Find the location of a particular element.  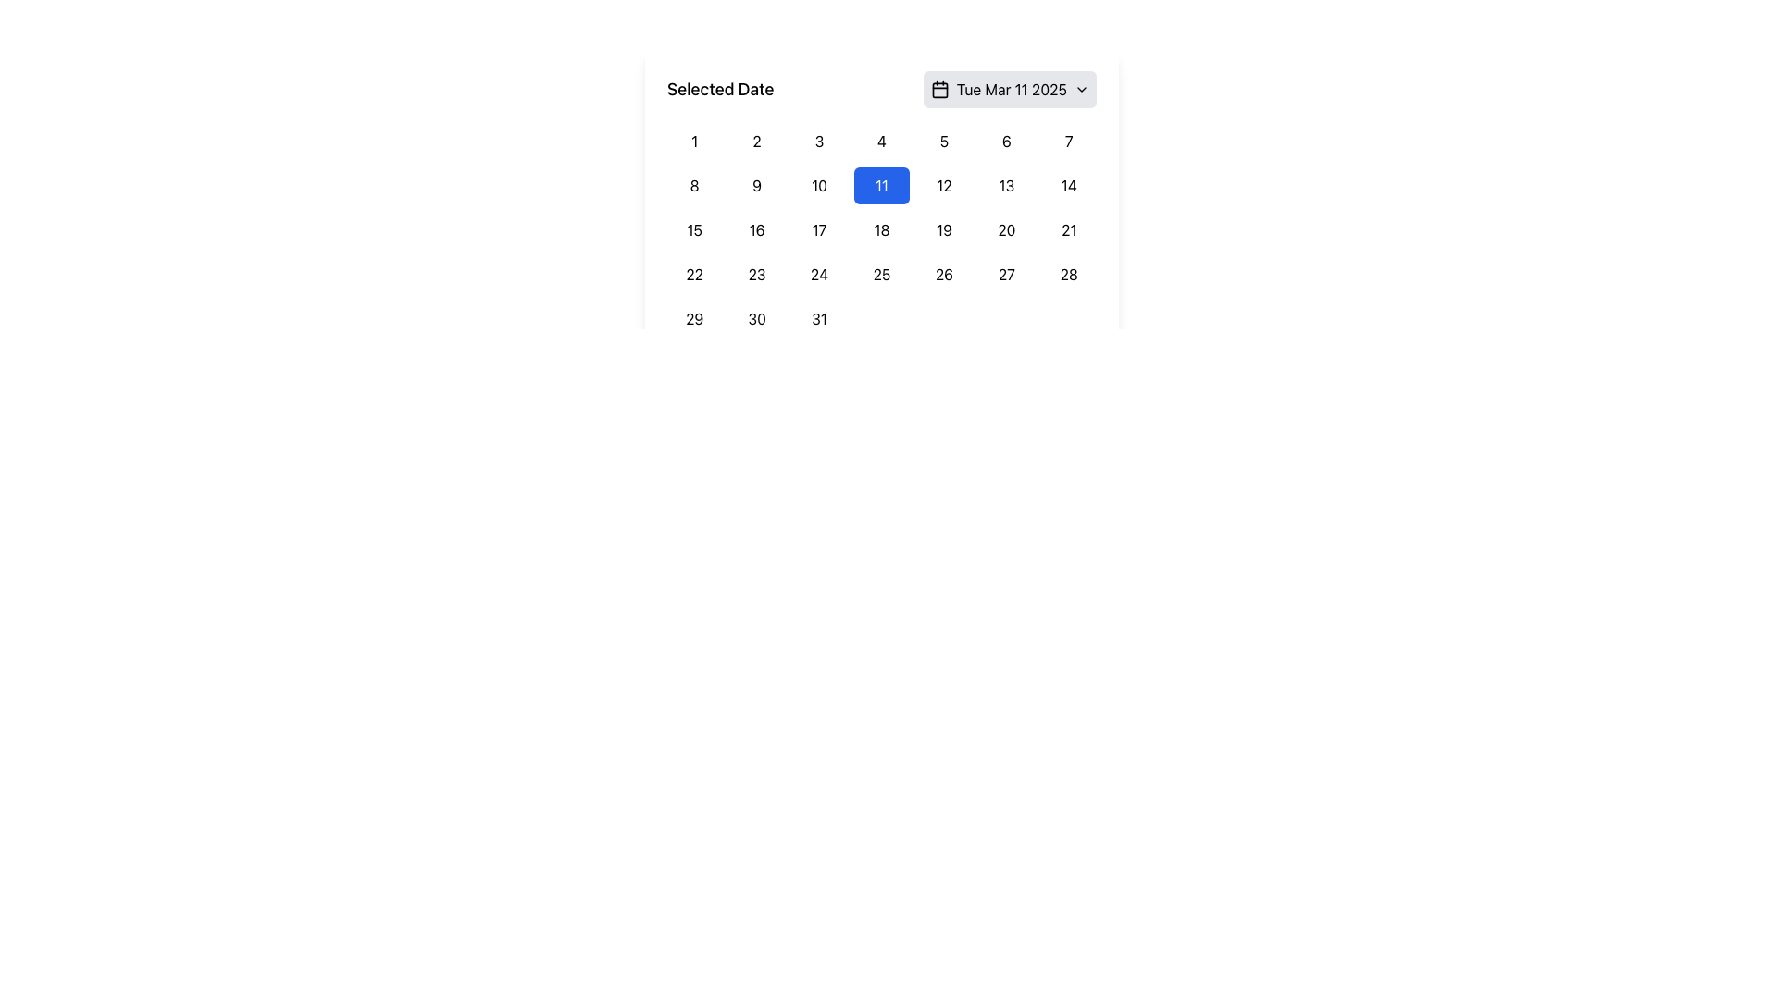

the calendar date cell displaying the number '28' is located at coordinates (1069, 275).